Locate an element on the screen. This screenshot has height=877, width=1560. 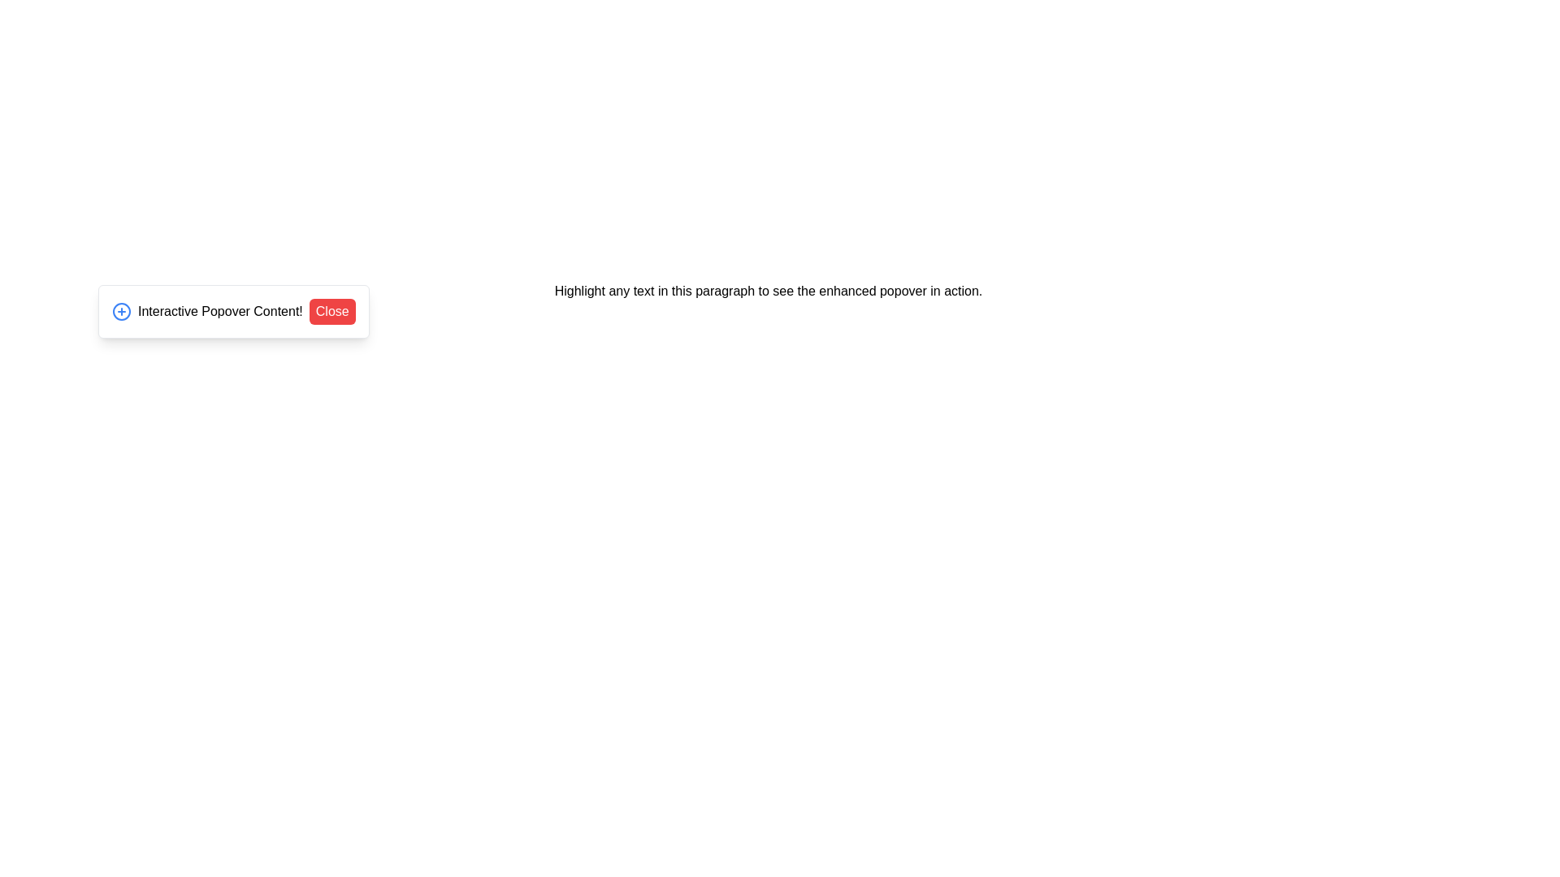
the circular '+' icon button with a blue stroke located on the left side of the popover is located at coordinates (120, 312).